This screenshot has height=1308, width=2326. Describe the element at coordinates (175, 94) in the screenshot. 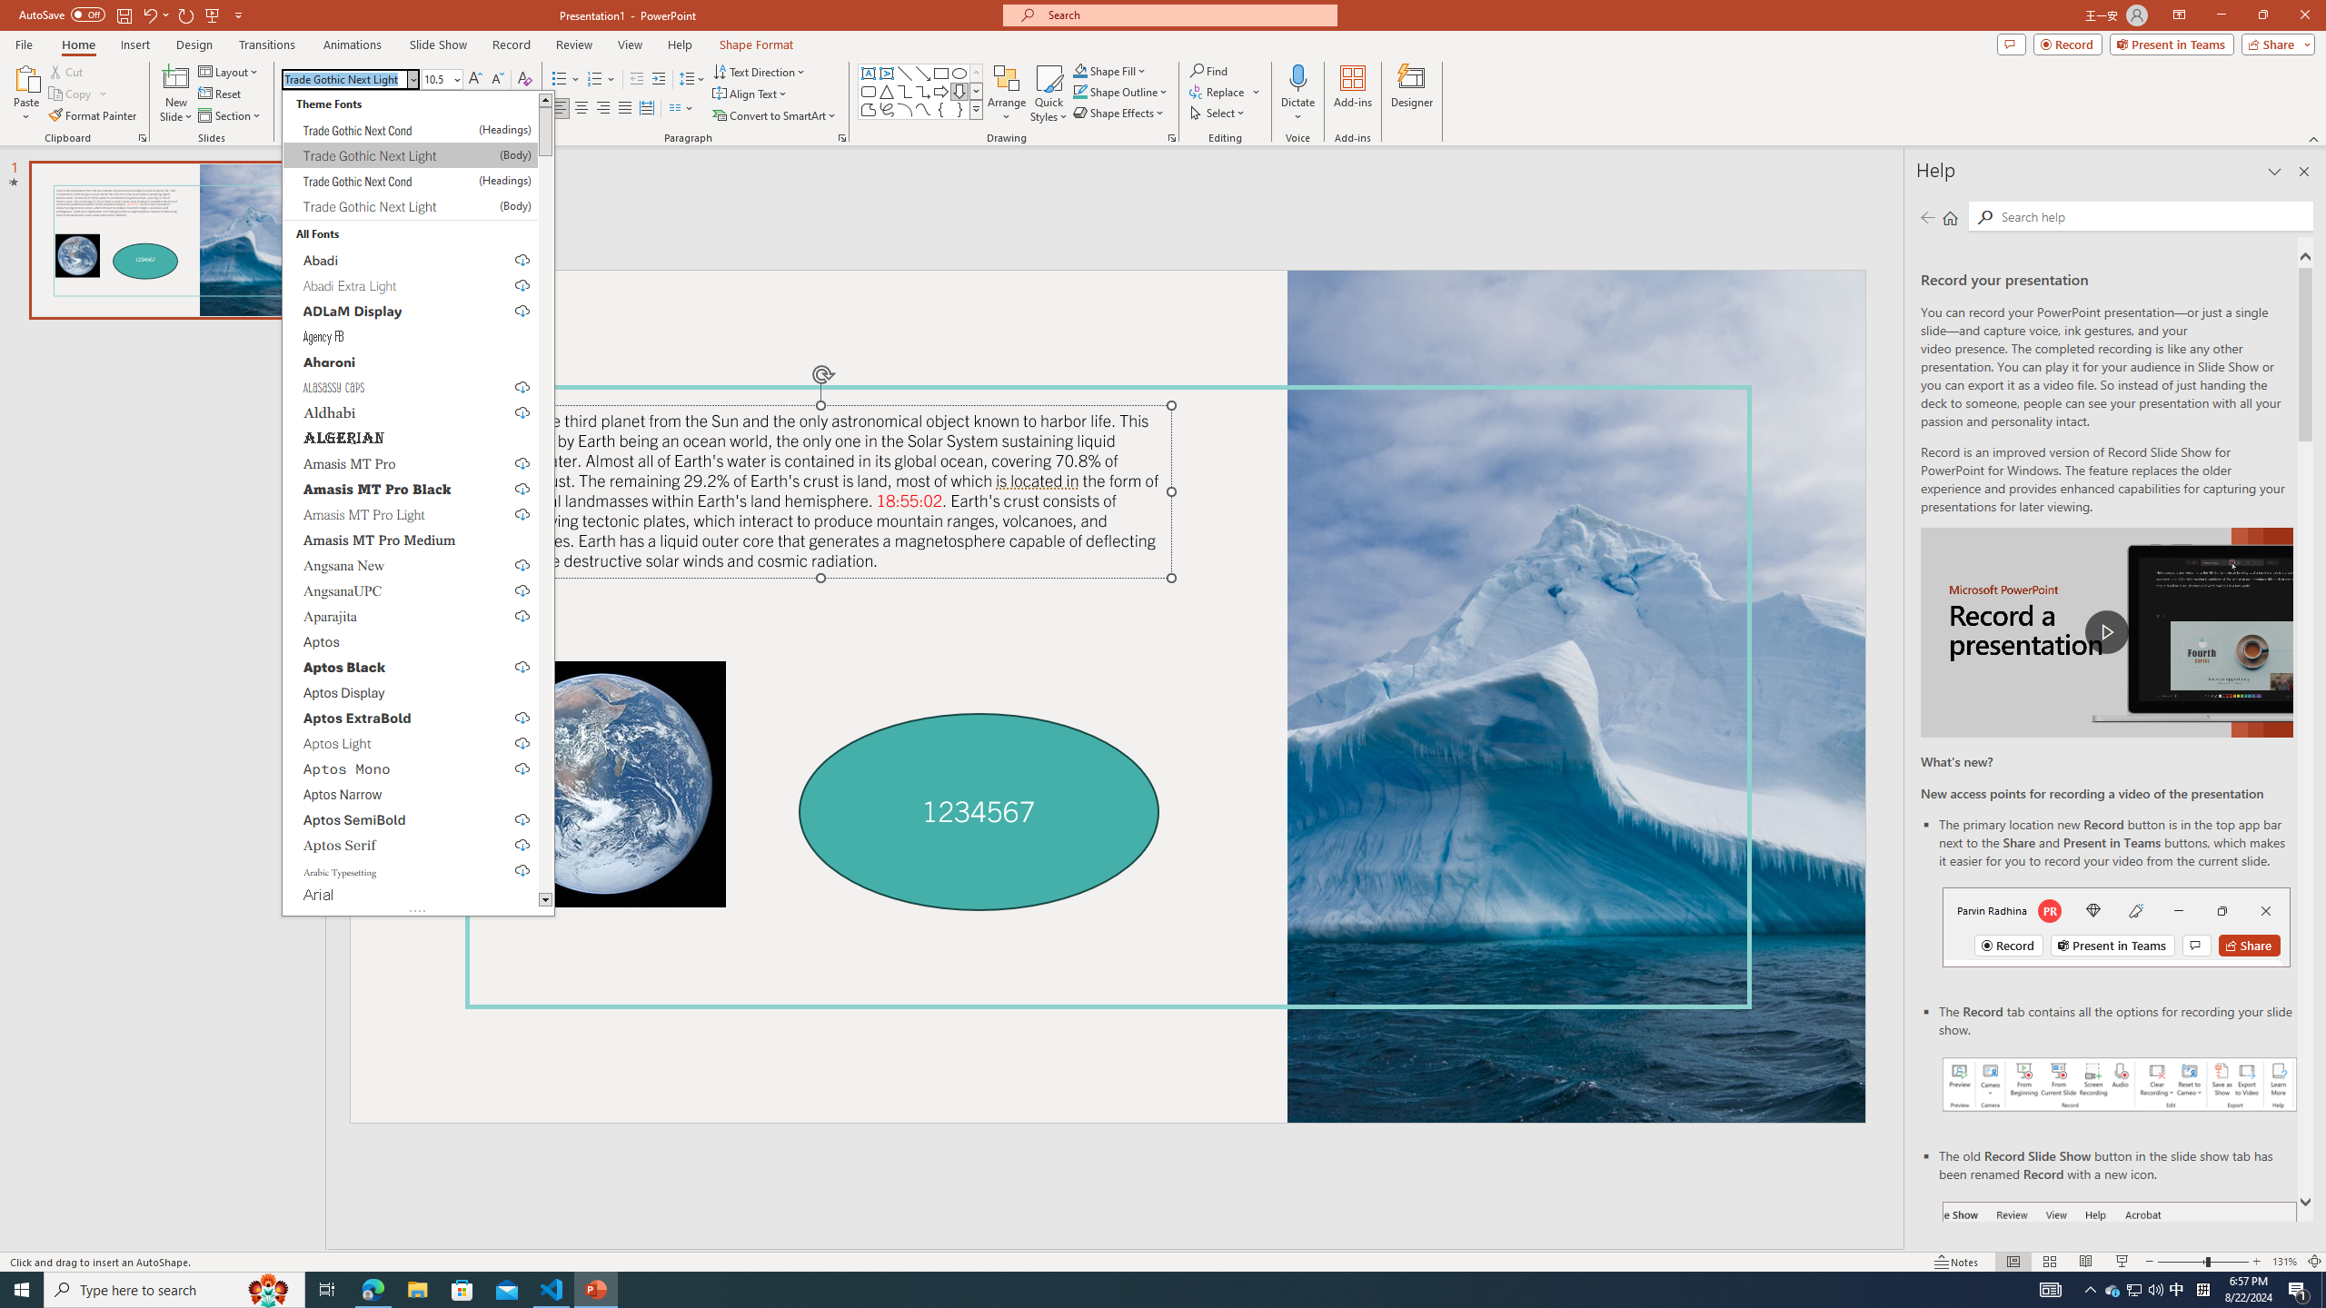

I see `'New Slide'` at that location.